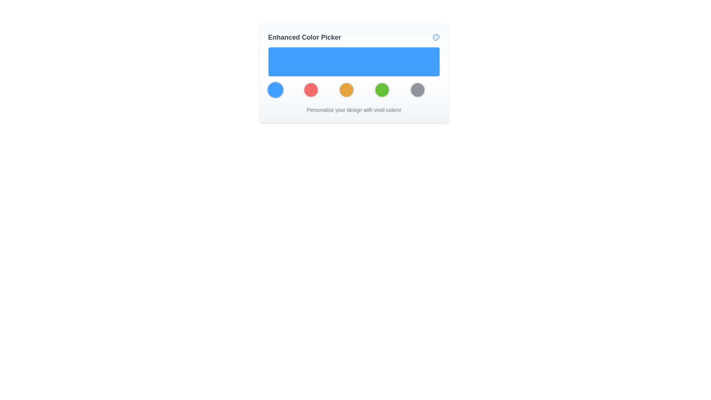  I want to click on the vibrant blue palette icon located in the top-right corner next to the 'Enhanced Color Picker' title, so click(436, 37).